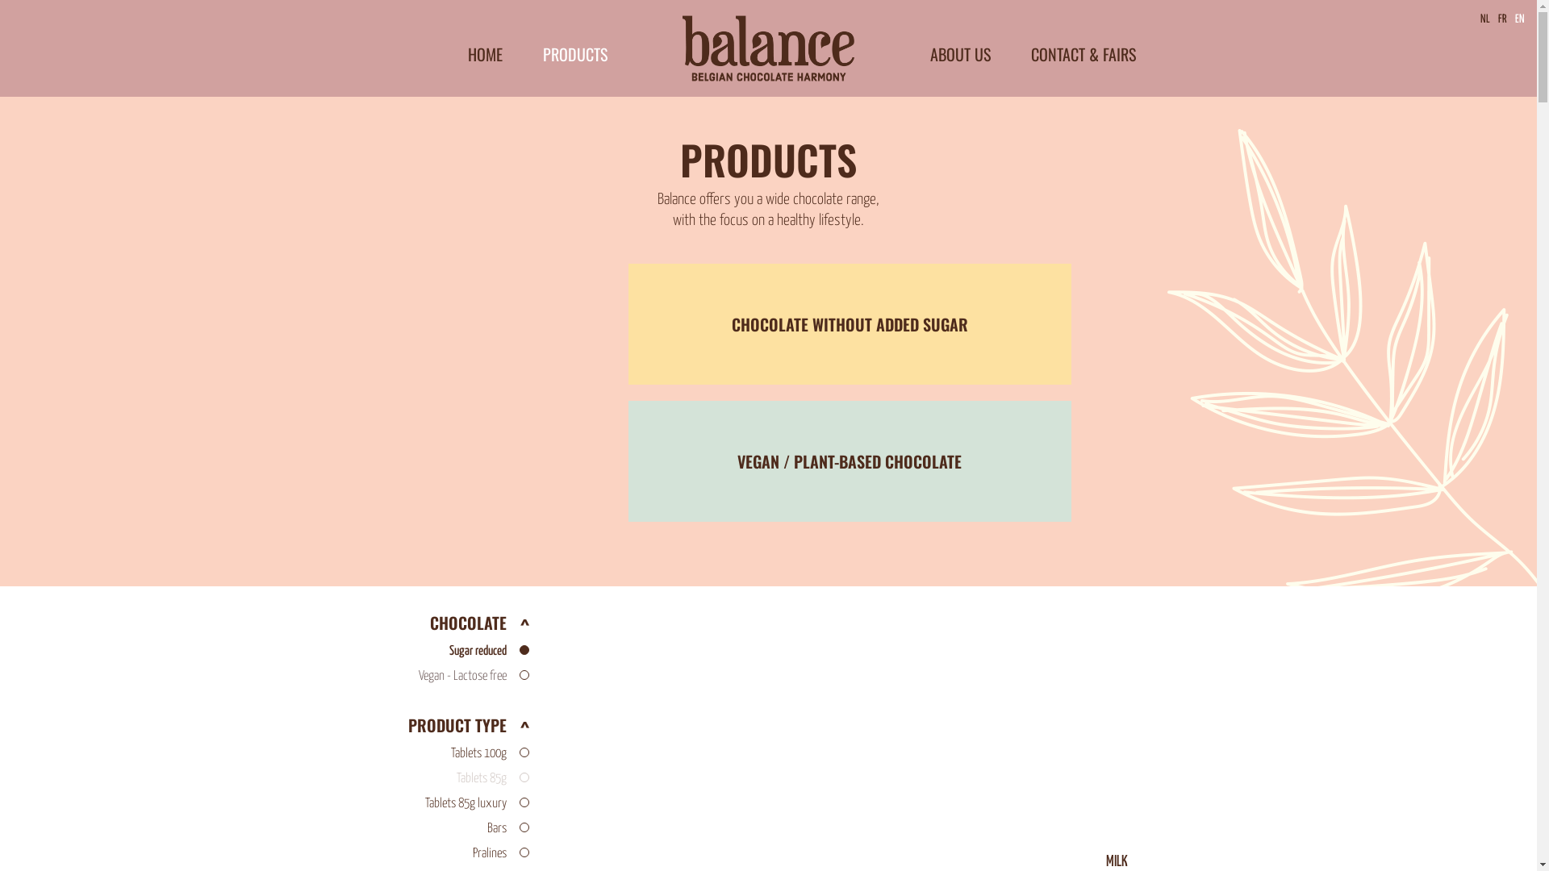  I want to click on 'FR', so click(1501, 19).